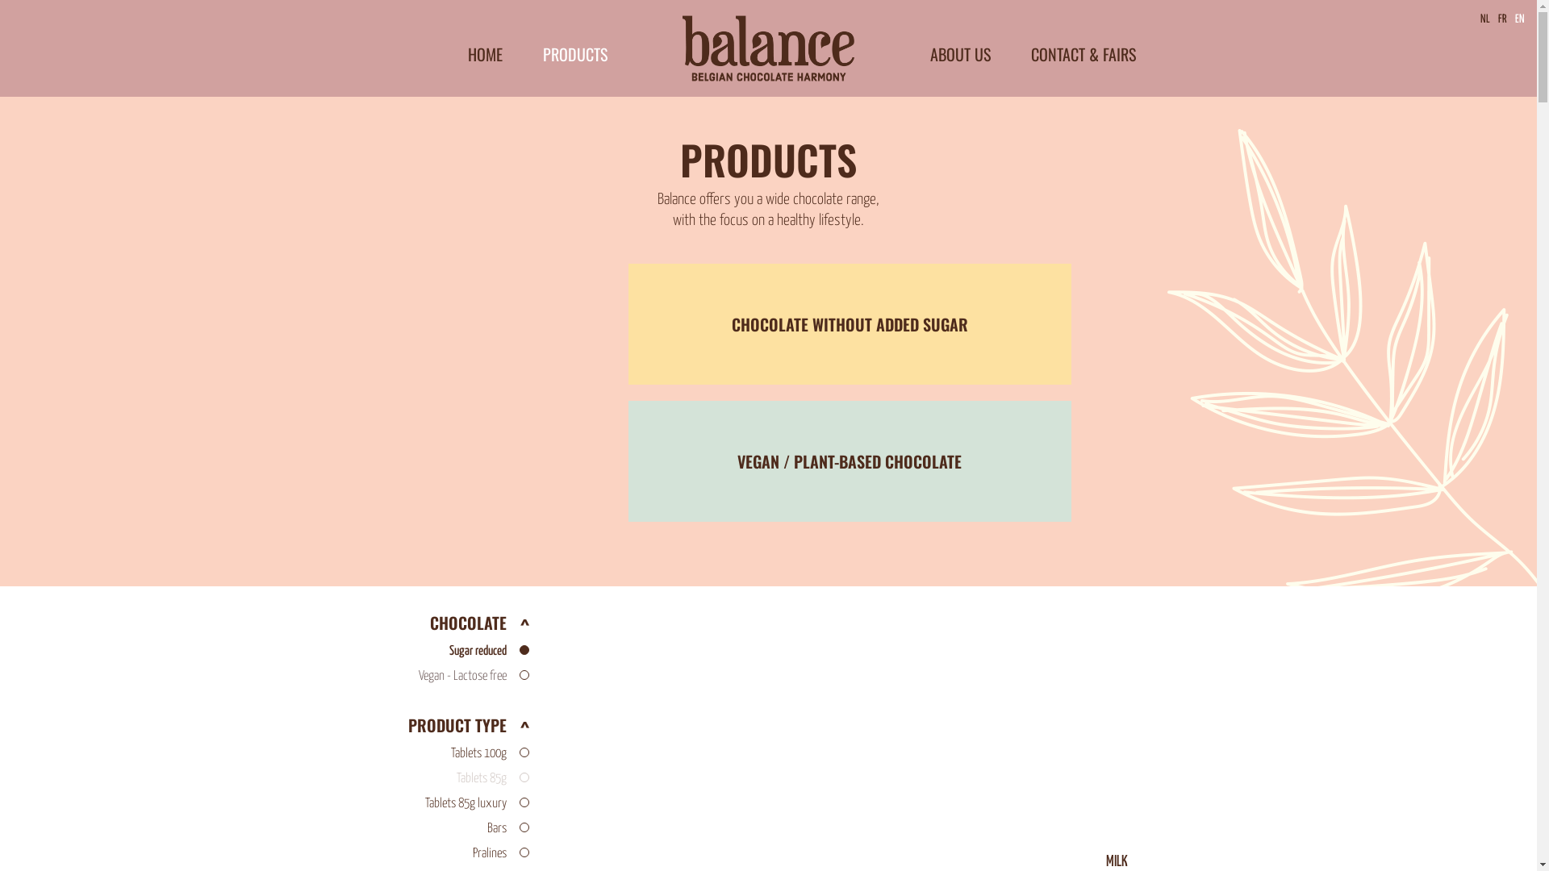  I want to click on 'FR', so click(1501, 19).